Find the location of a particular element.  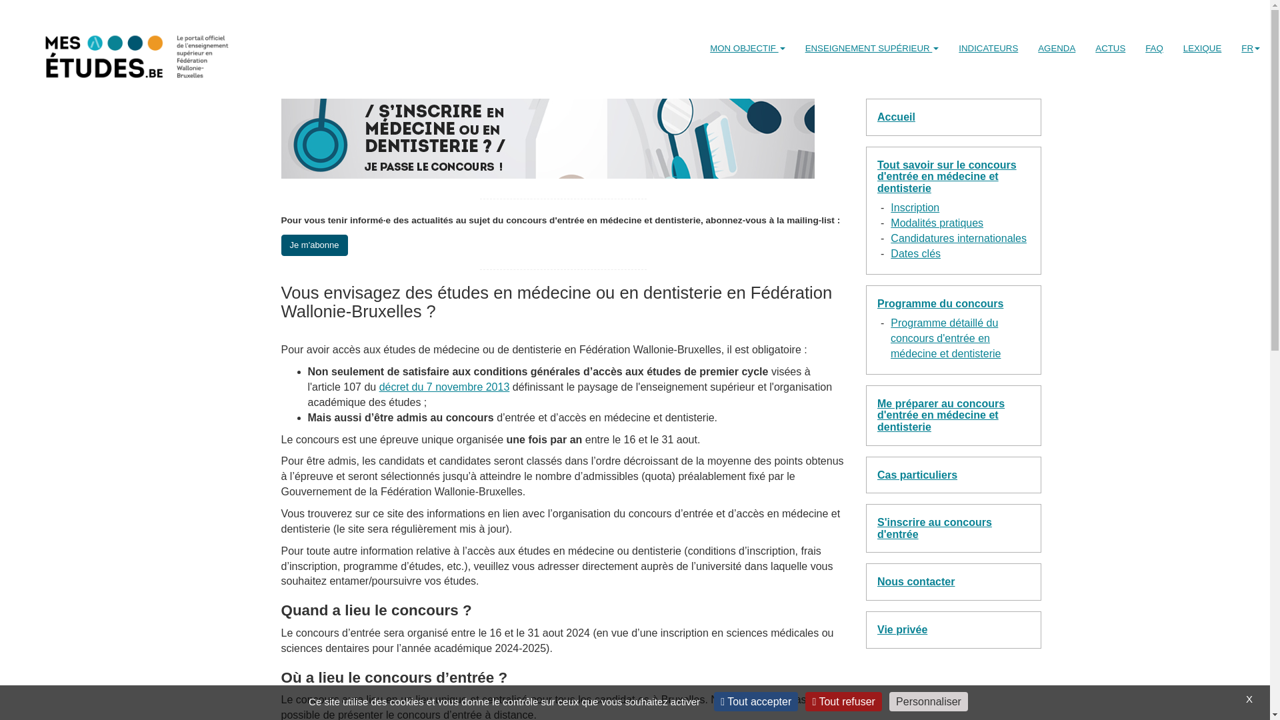

'LEXIQUE' is located at coordinates (1203, 48).